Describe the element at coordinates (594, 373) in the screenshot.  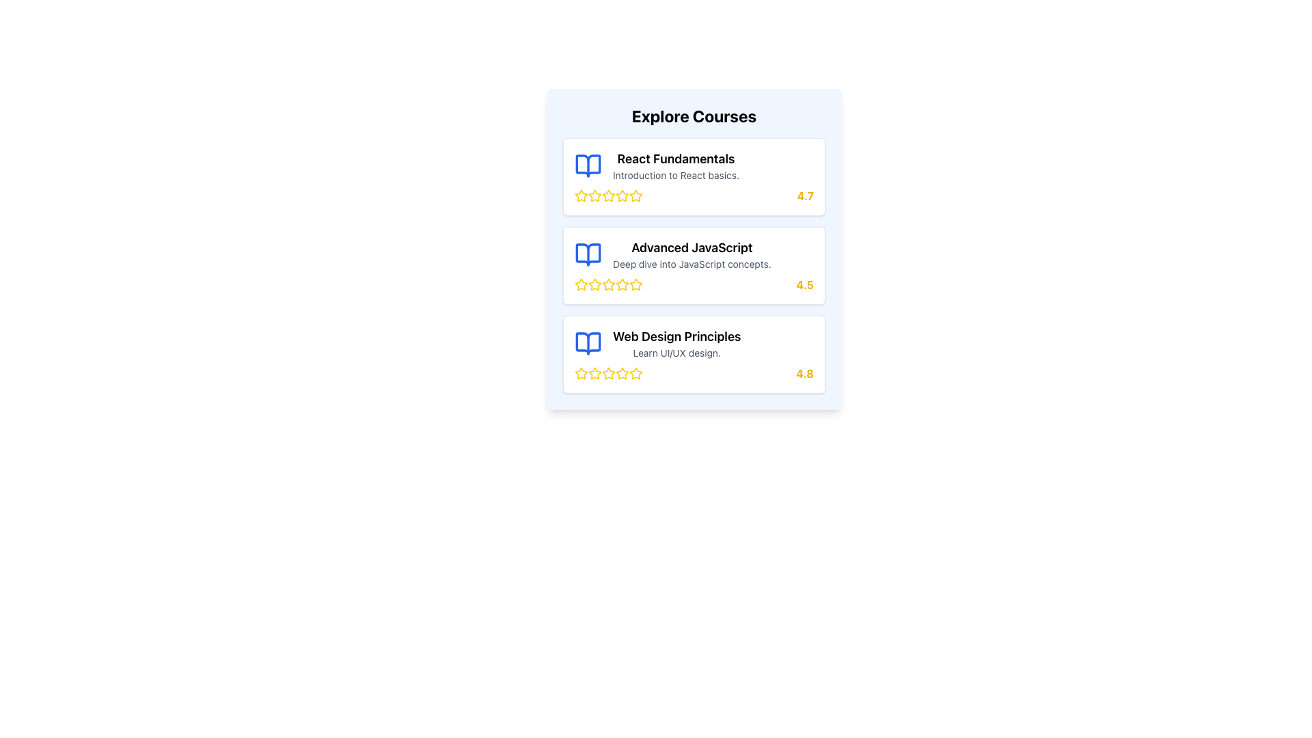
I see `the first star icon in the Web Design Principles rating section` at that location.